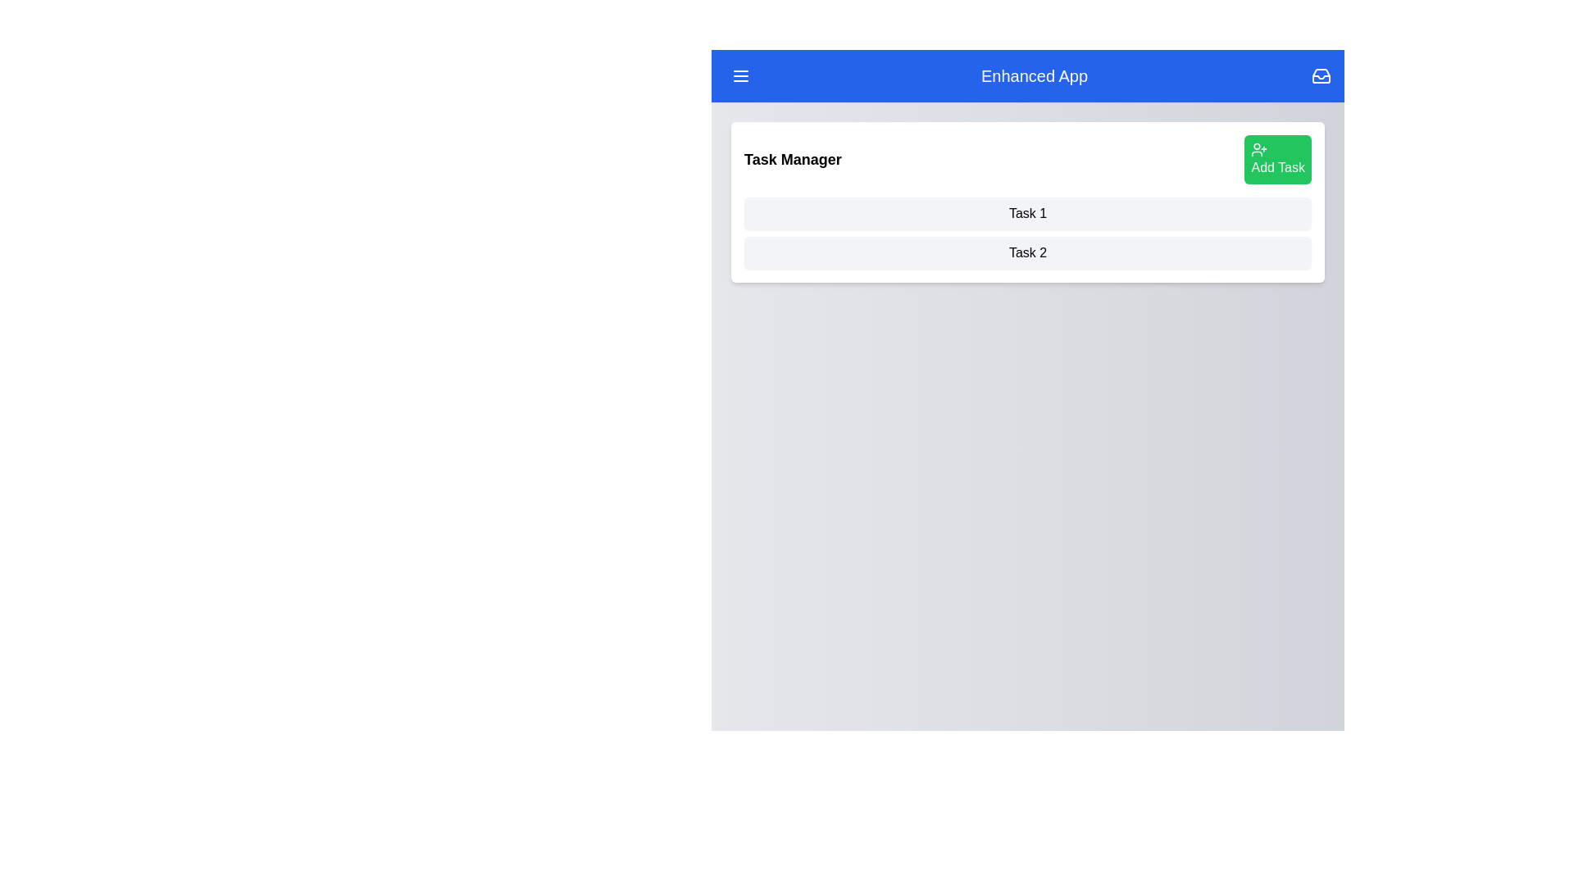 This screenshot has width=1574, height=885. I want to click on the 'Add Task' button to add a new task, so click(1277, 160).